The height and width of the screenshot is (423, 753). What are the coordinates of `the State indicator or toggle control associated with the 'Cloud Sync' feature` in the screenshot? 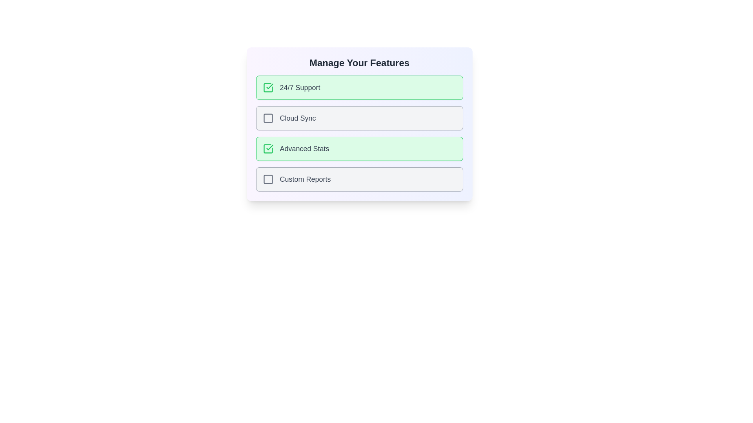 It's located at (268, 118).